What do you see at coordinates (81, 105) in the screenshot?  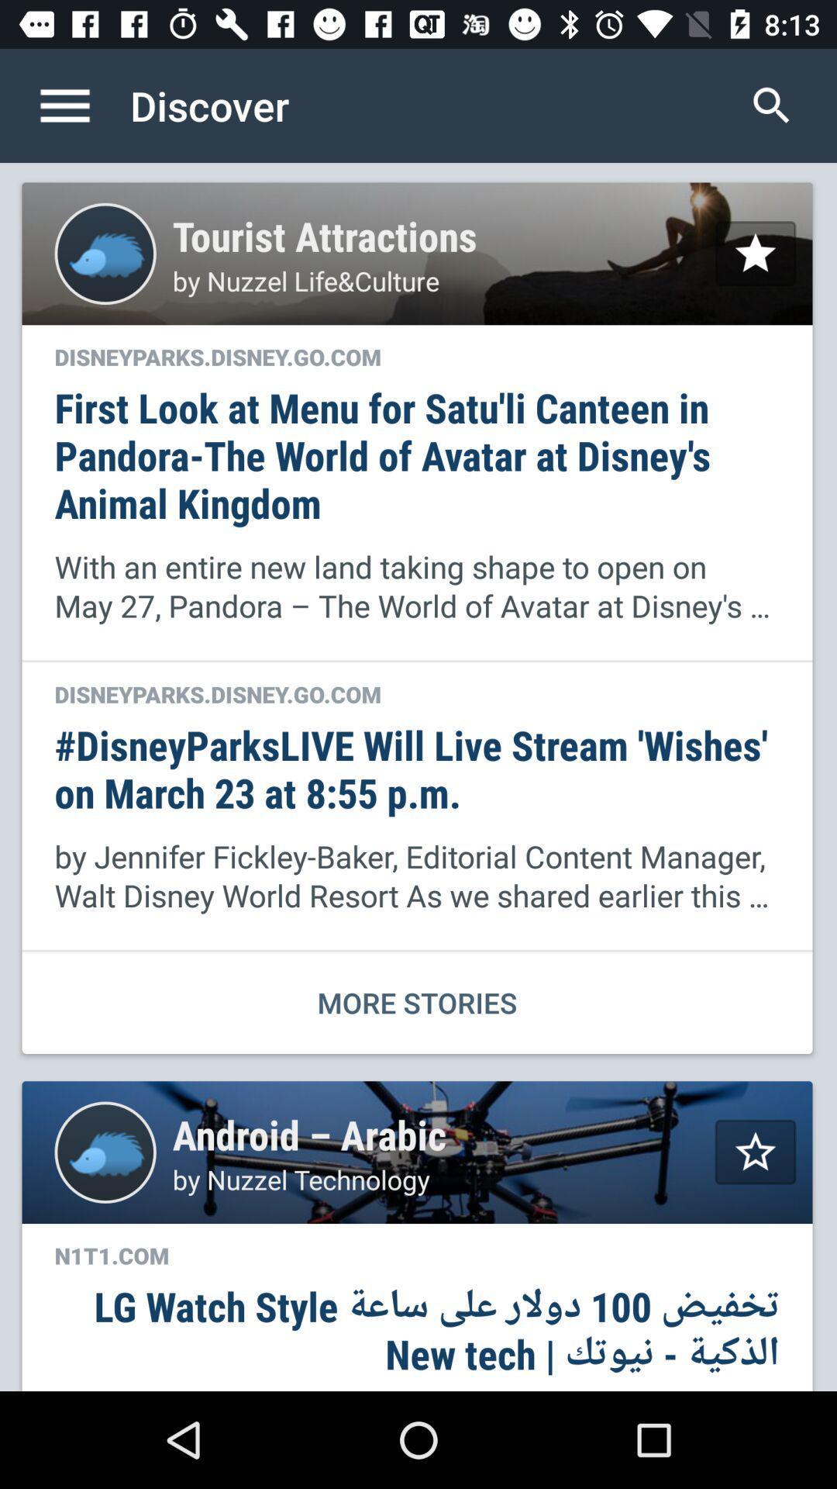 I see `menu options` at bounding box center [81, 105].